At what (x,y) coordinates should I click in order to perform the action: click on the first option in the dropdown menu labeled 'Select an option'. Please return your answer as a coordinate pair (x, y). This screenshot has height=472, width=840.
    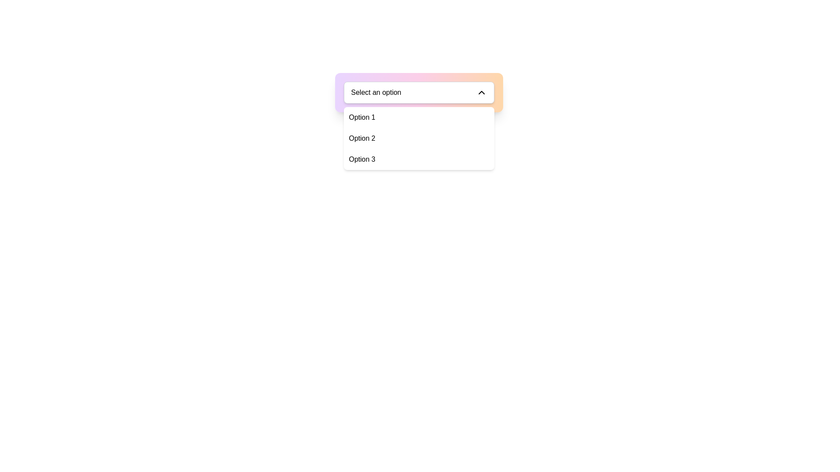
    Looking at the image, I should click on (418, 117).